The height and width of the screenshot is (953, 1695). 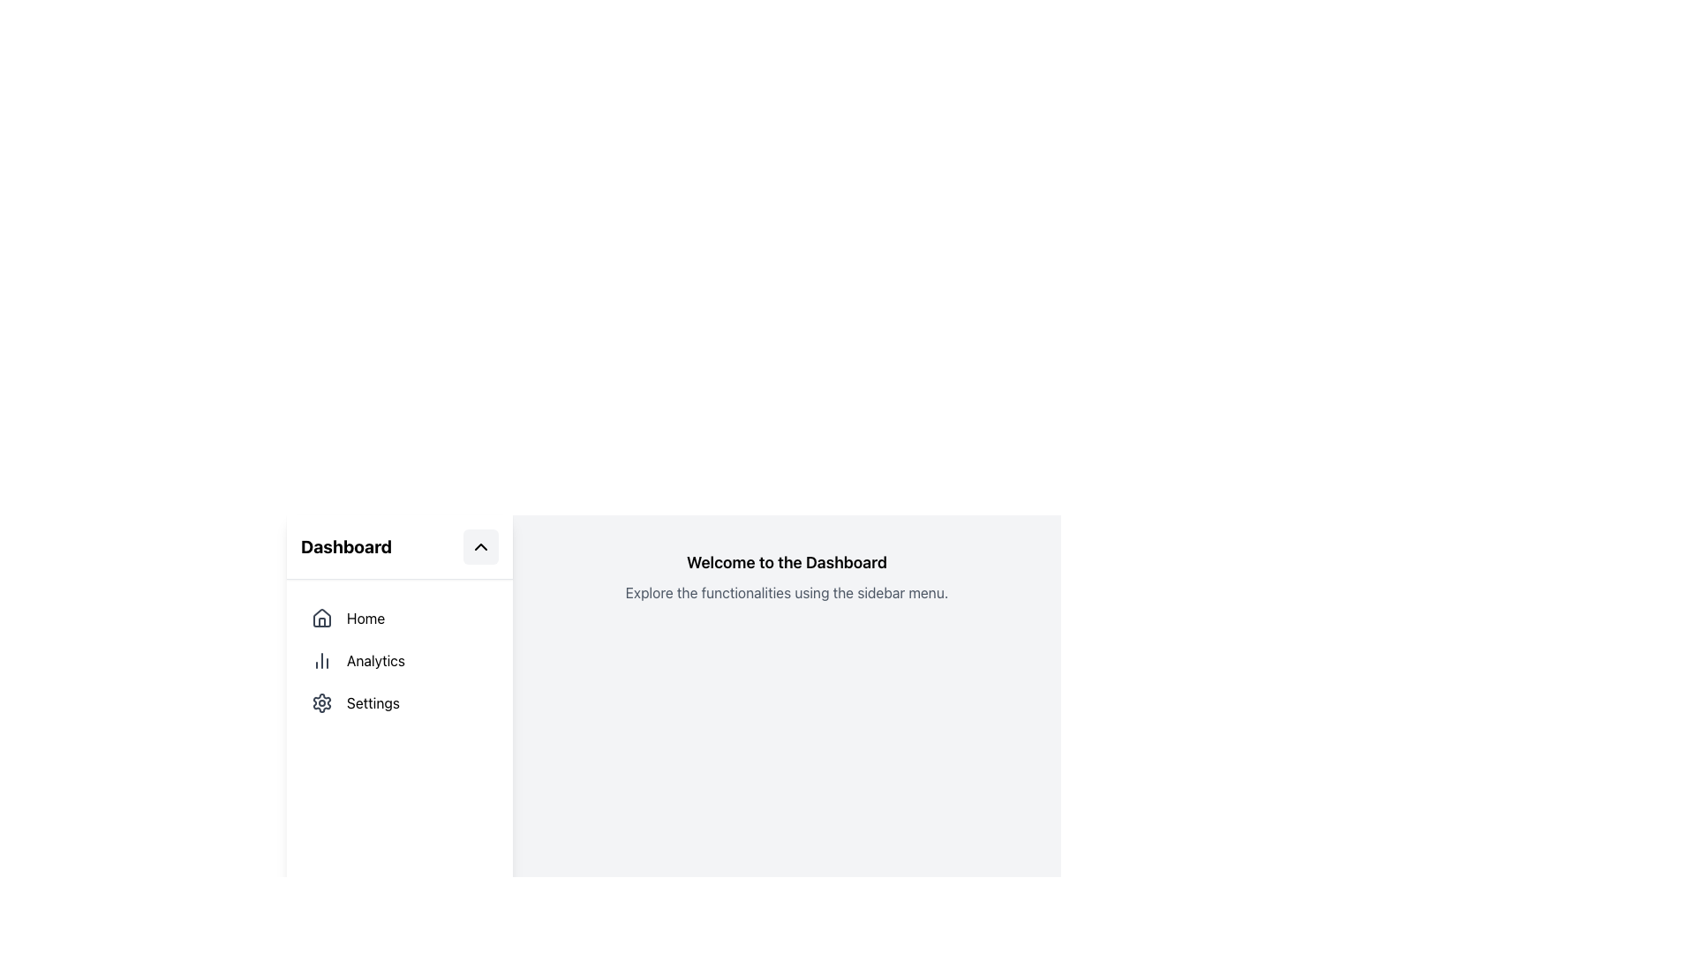 What do you see at coordinates (321, 616) in the screenshot?
I see `the house icon in the sidebar navigation menu` at bounding box center [321, 616].